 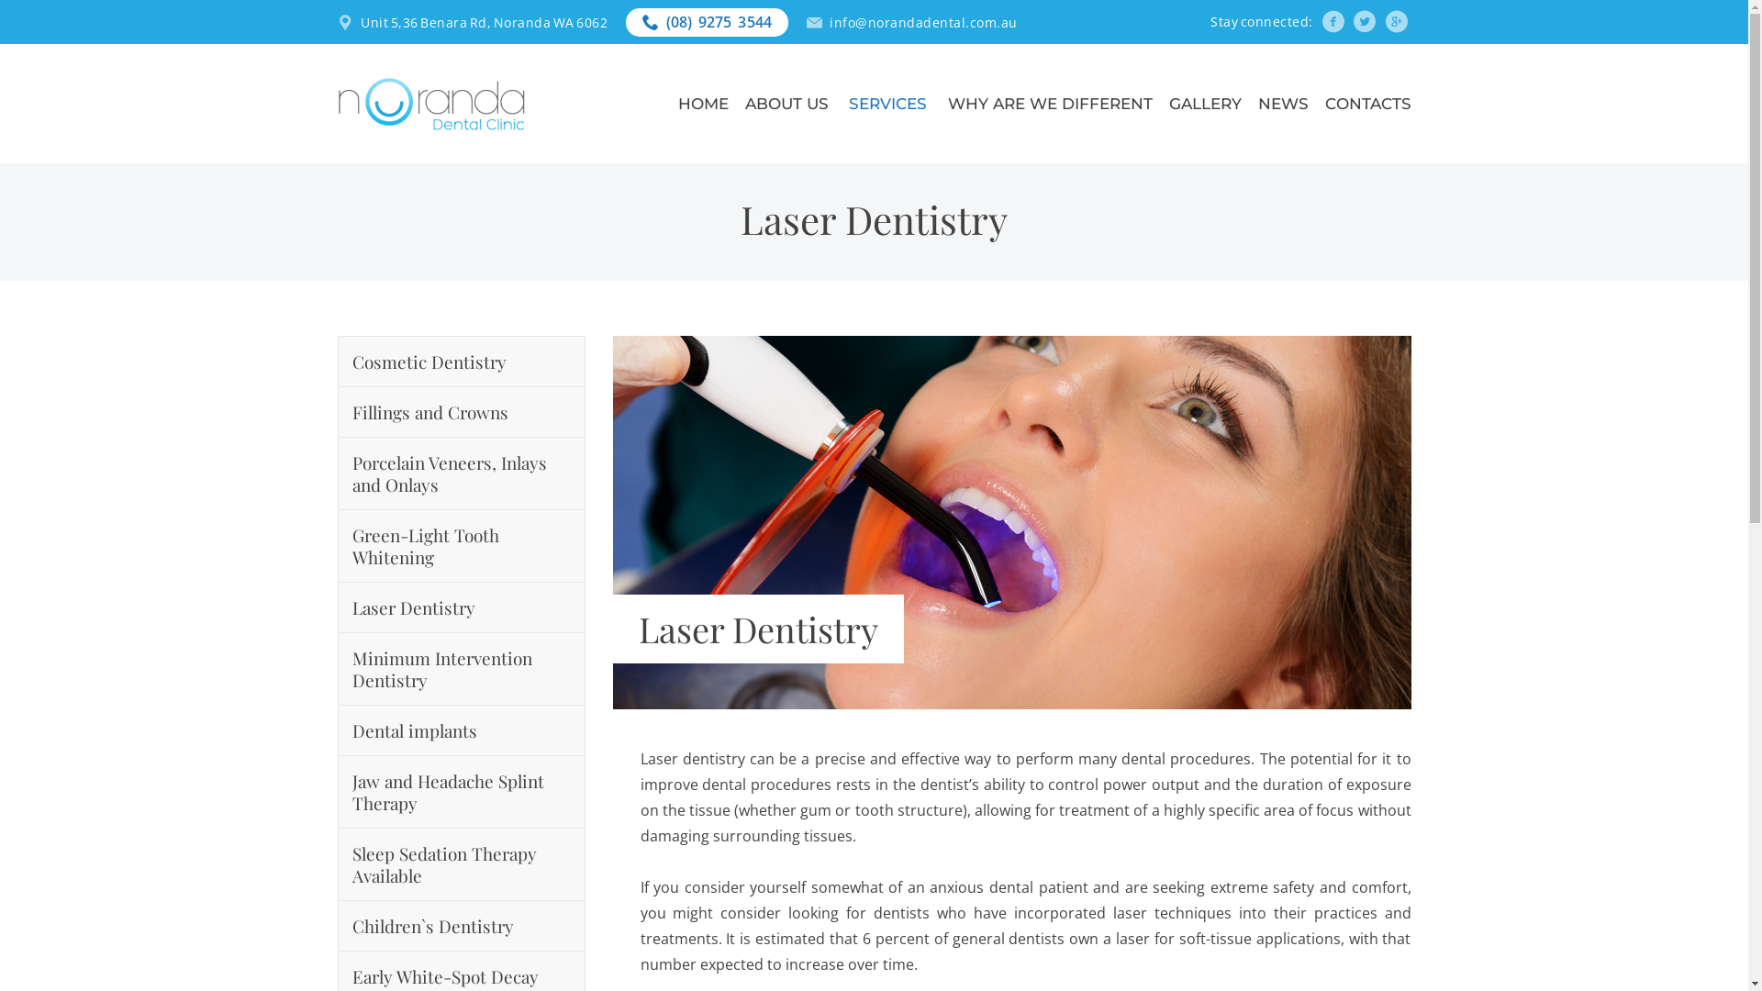 I want to click on 'ABOUT US', so click(x=788, y=103).